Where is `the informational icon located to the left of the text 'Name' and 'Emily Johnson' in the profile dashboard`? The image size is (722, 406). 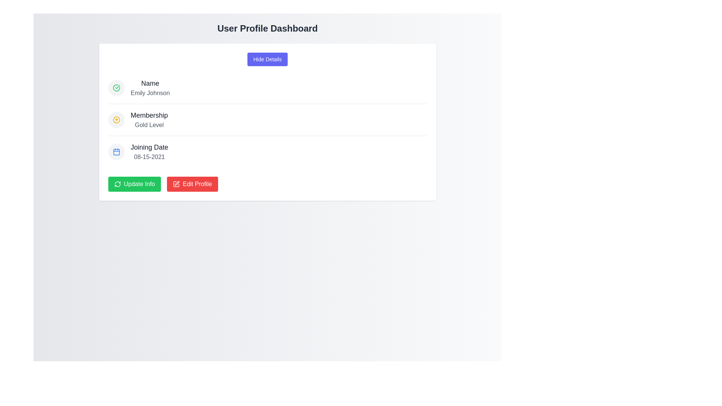 the informational icon located to the left of the text 'Name' and 'Emily Johnson' in the profile dashboard is located at coordinates (116, 88).